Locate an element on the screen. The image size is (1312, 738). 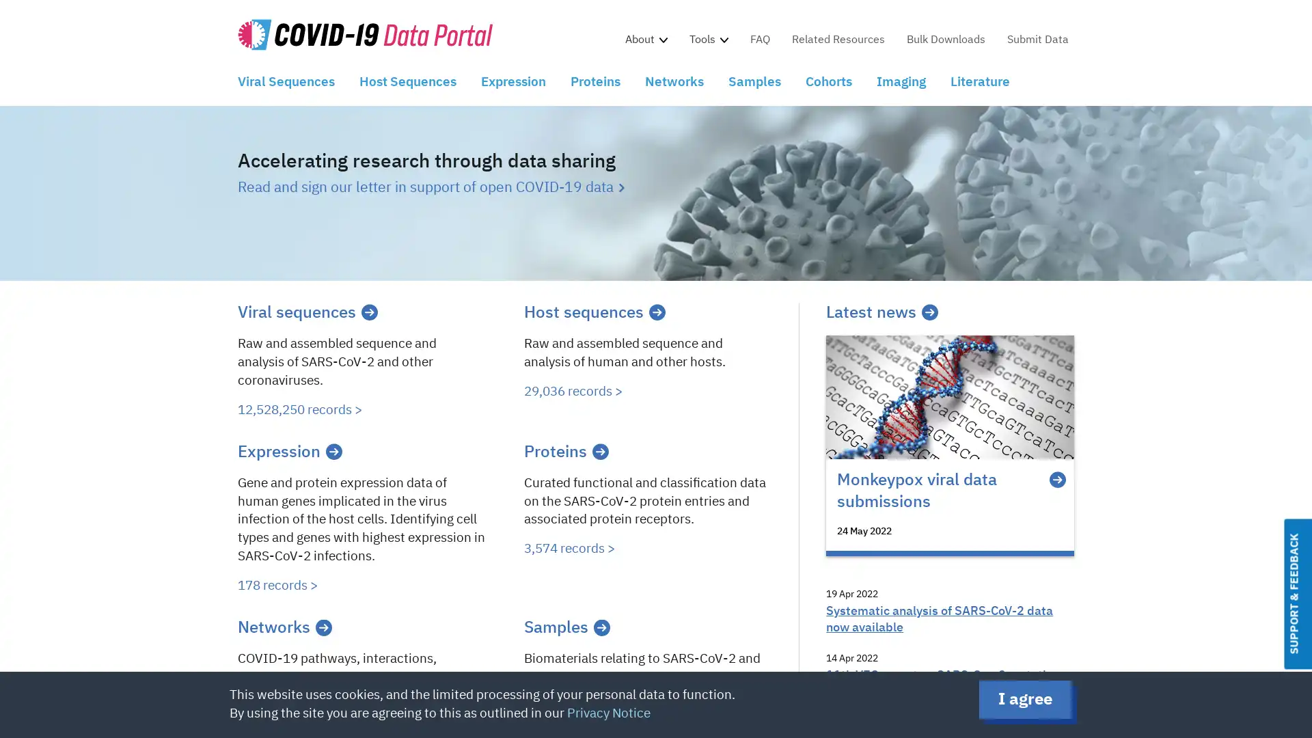
I agree is located at coordinates (1025, 699).